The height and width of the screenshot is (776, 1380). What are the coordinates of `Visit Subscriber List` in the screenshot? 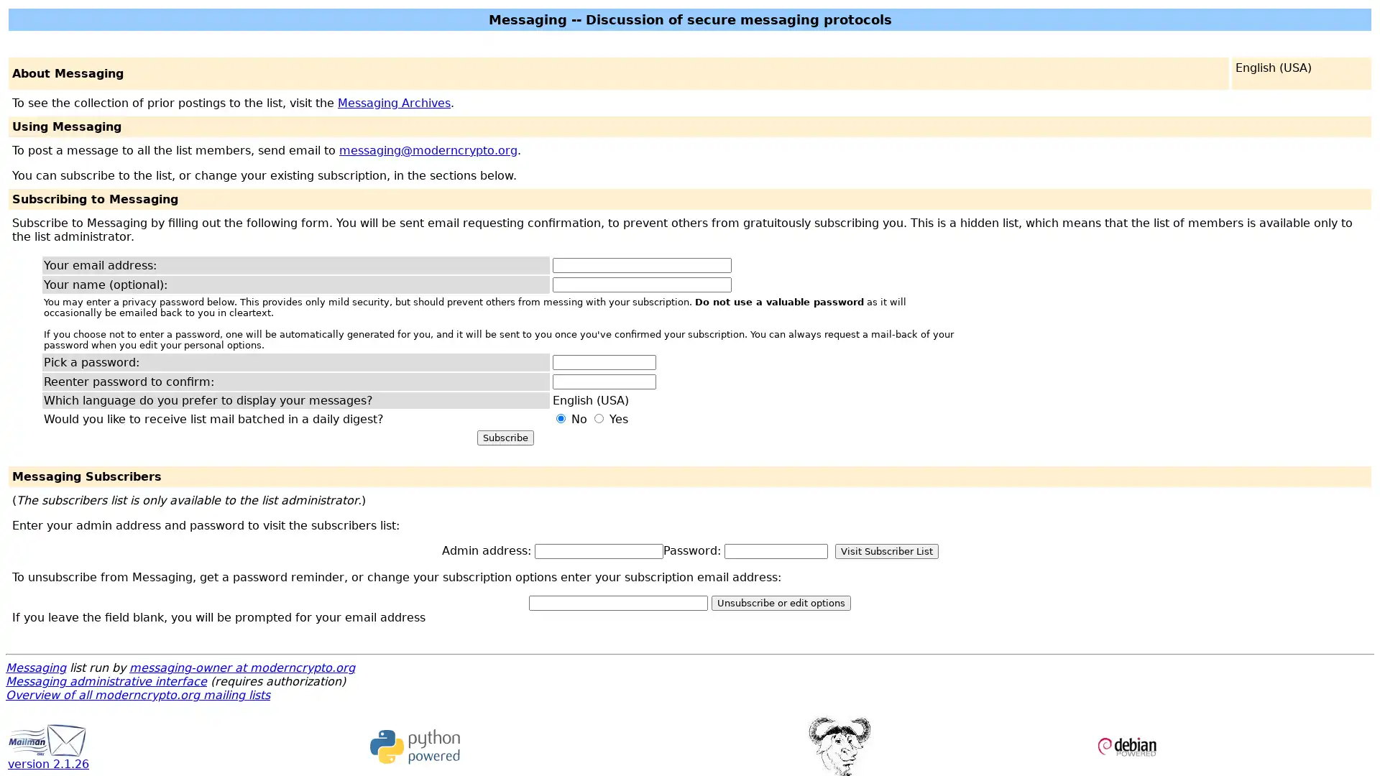 It's located at (885, 550).